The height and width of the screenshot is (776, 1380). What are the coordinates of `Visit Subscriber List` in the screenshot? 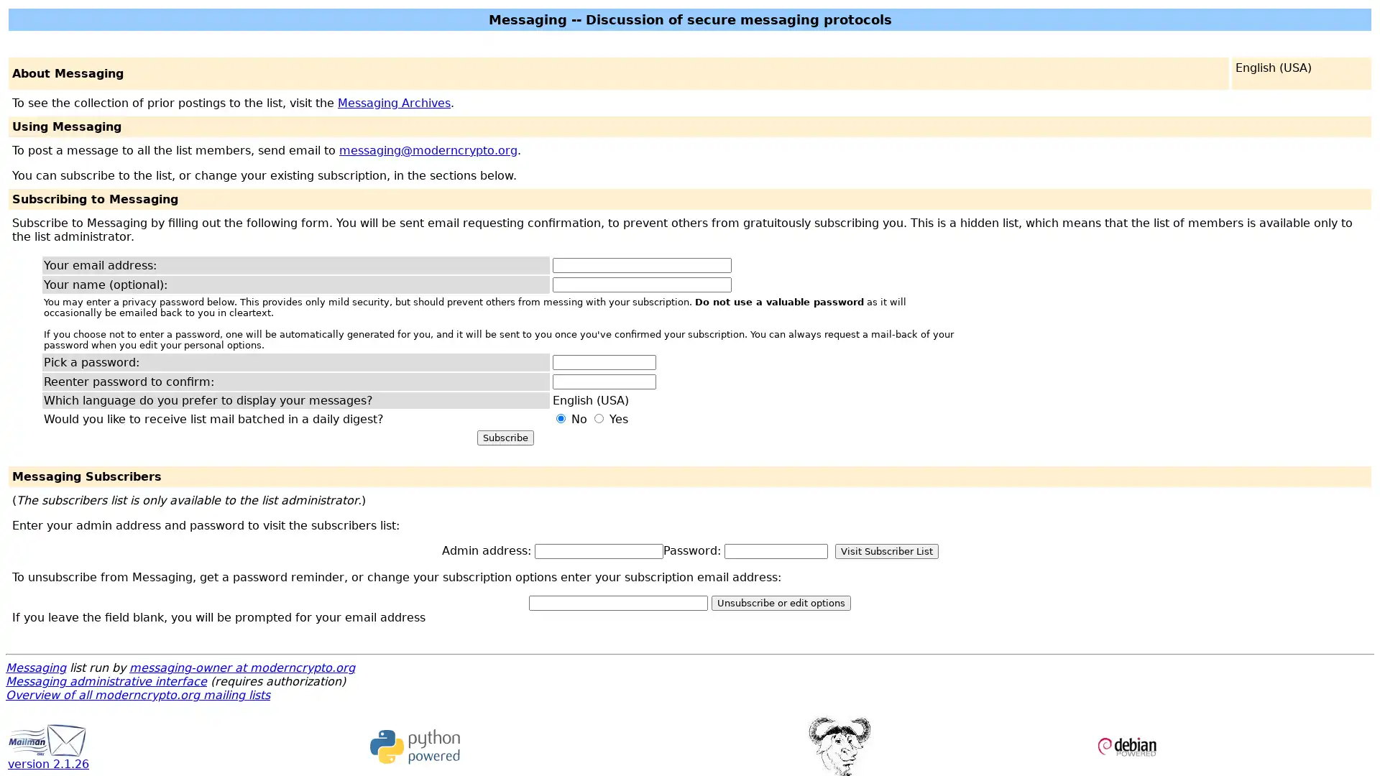 It's located at (885, 550).